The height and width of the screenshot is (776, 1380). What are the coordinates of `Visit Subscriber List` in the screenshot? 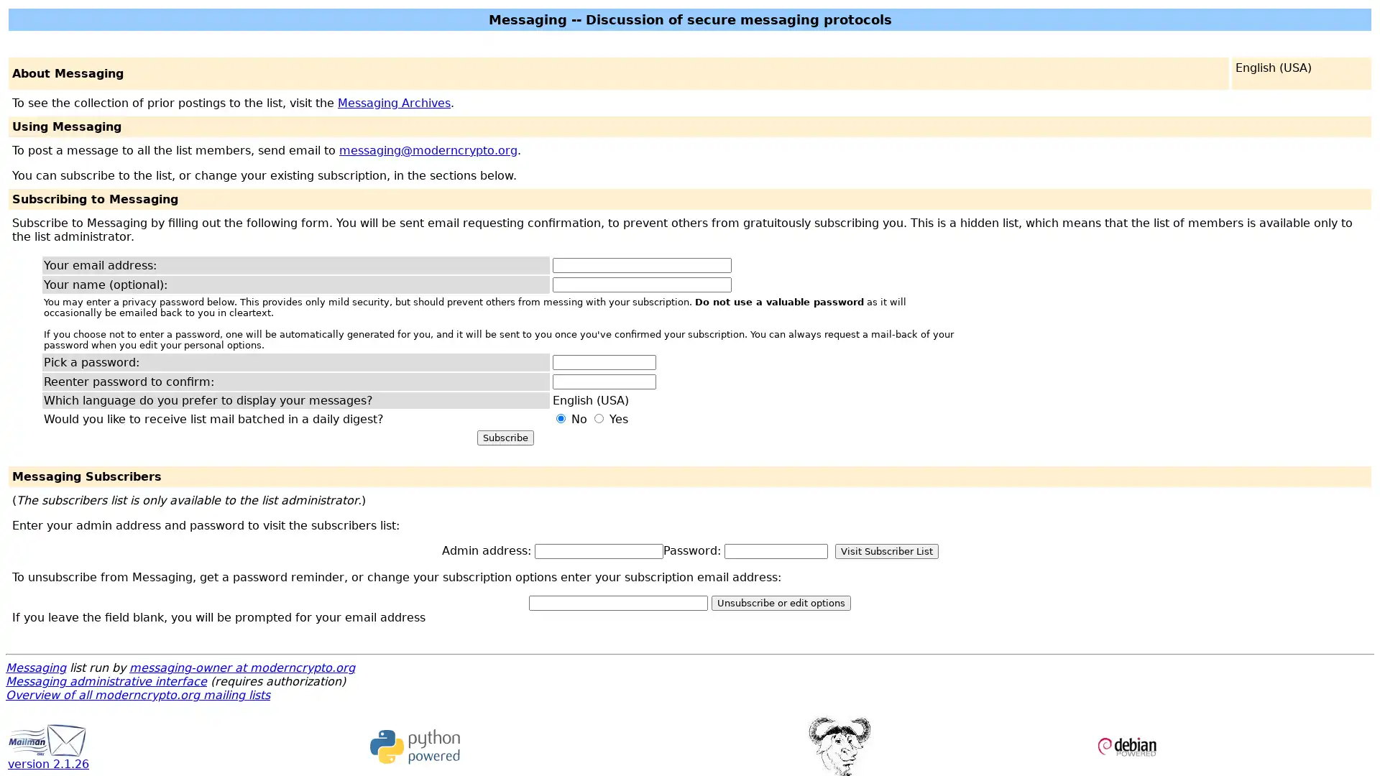 It's located at (885, 550).